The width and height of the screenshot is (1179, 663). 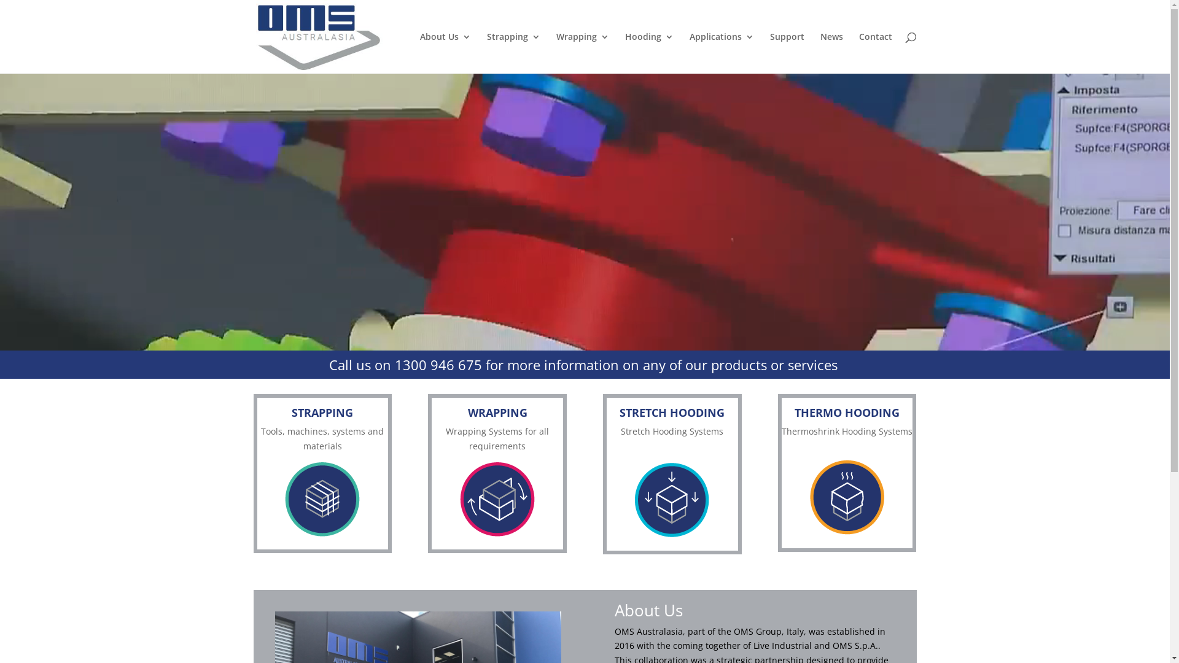 What do you see at coordinates (787, 52) in the screenshot?
I see `'Support'` at bounding box center [787, 52].